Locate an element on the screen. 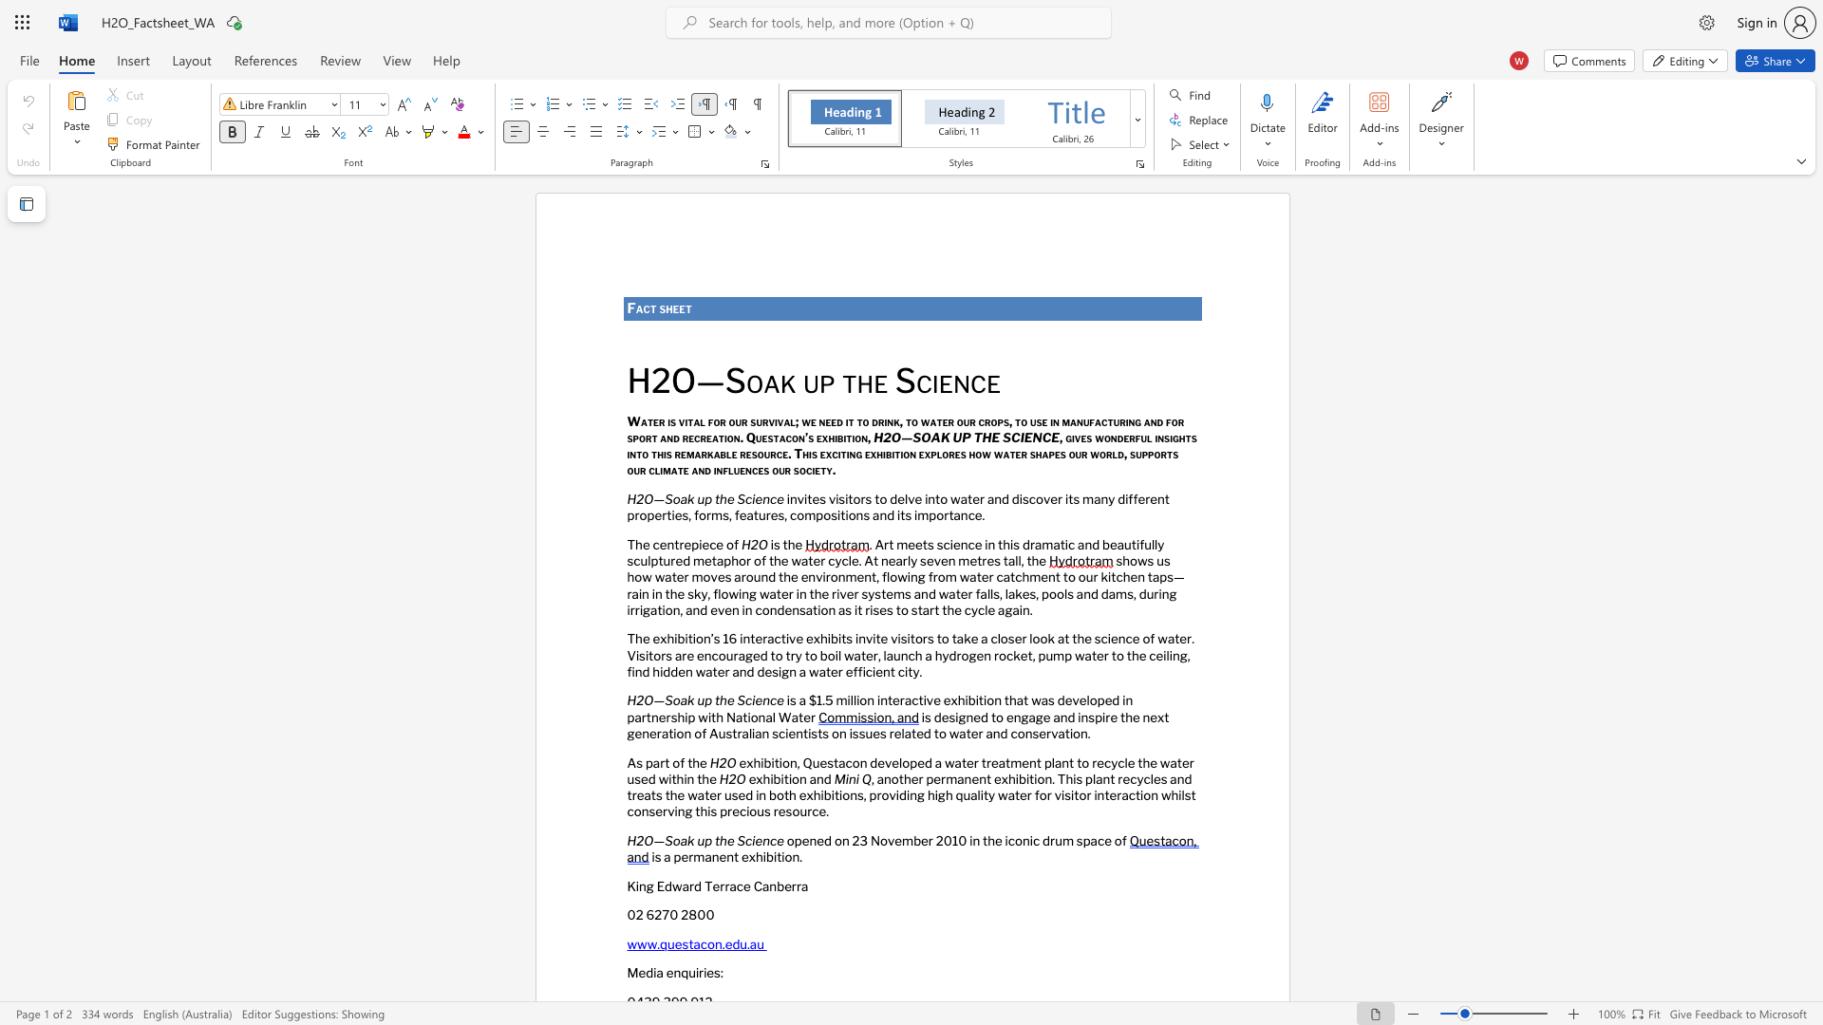 The width and height of the screenshot is (1823, 1025). the subset text "Scienc" within the text "H2O—Soak up the Science" is located at coordinates (736, 700).